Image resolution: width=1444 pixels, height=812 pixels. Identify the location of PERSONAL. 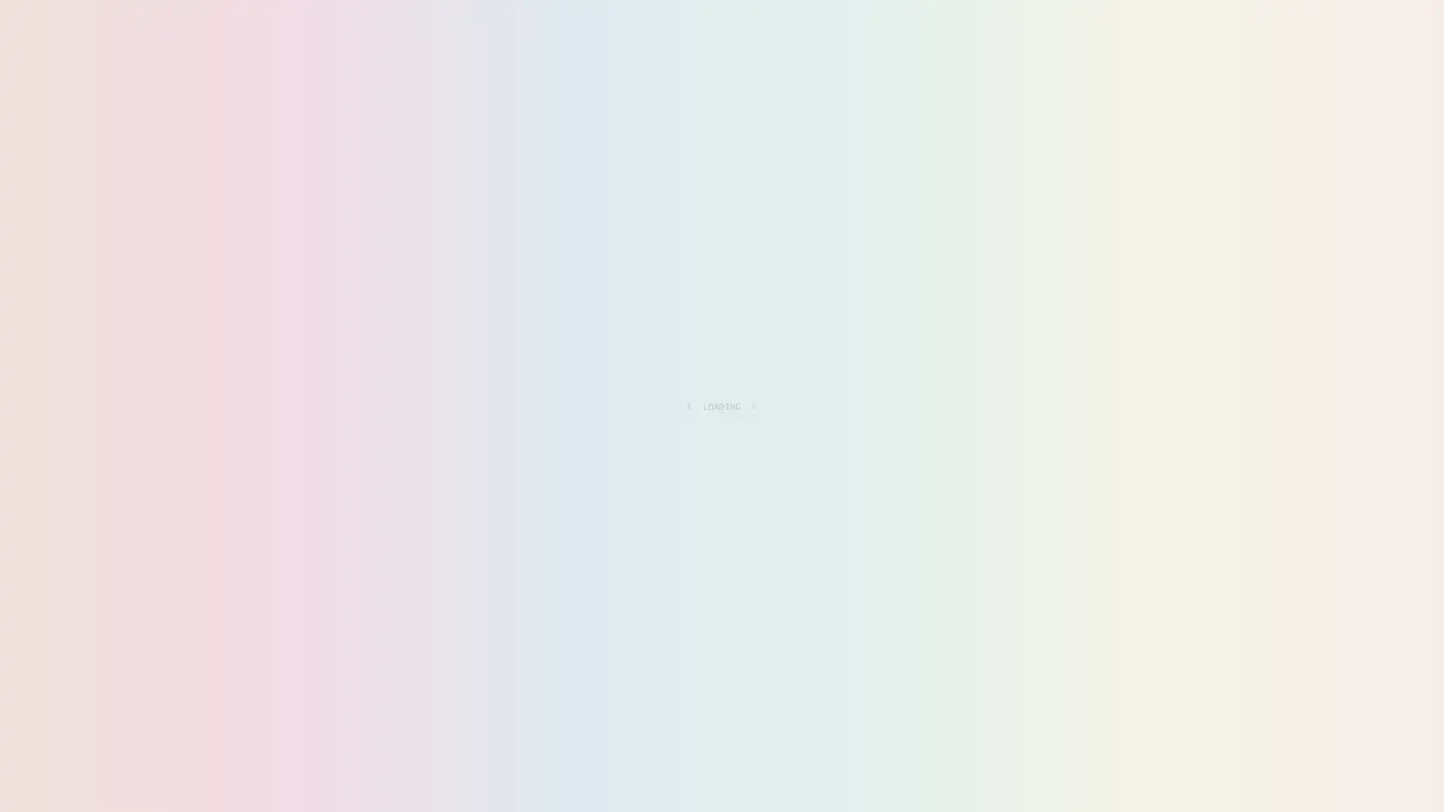
(516, 151).